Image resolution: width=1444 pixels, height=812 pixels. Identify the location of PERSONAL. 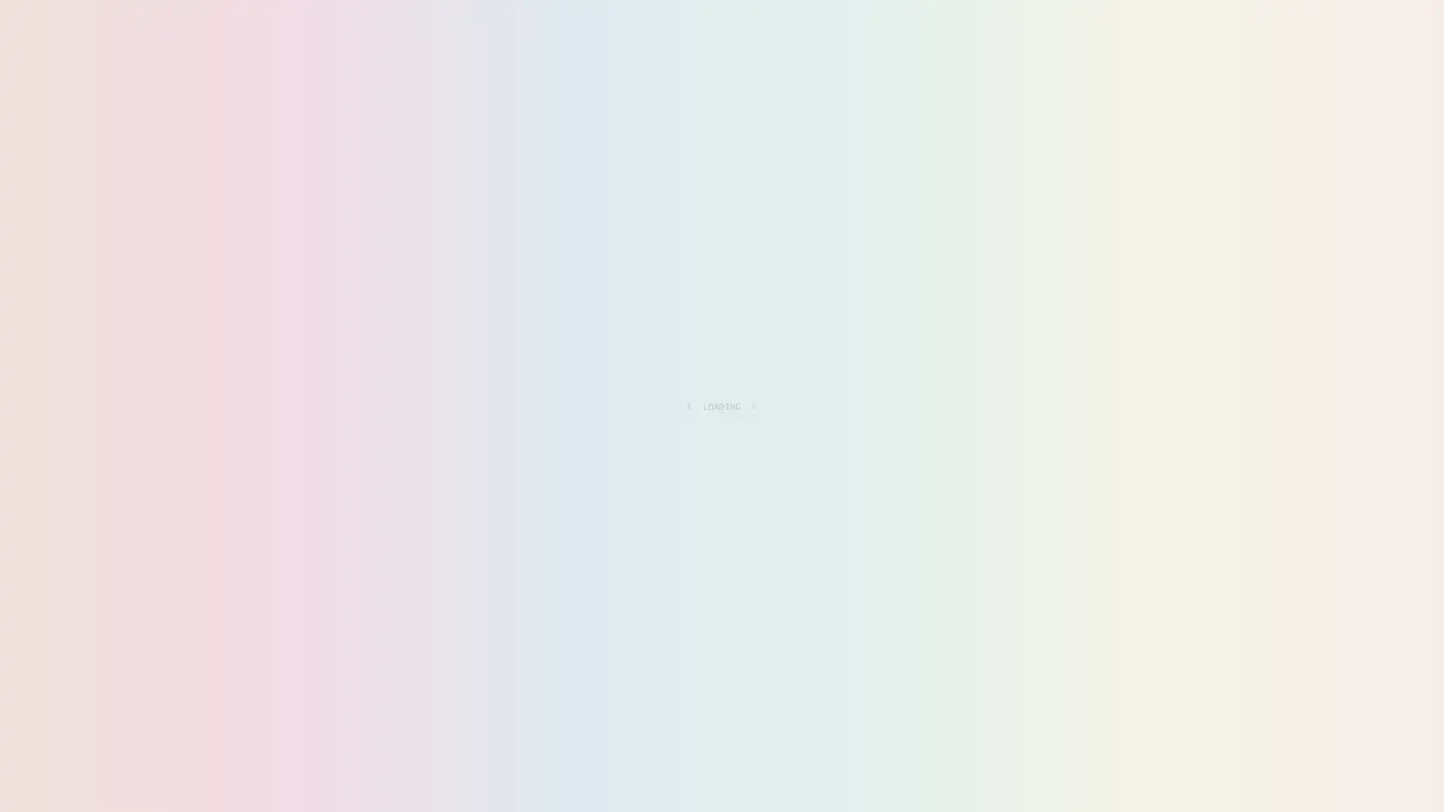
(516, 151).